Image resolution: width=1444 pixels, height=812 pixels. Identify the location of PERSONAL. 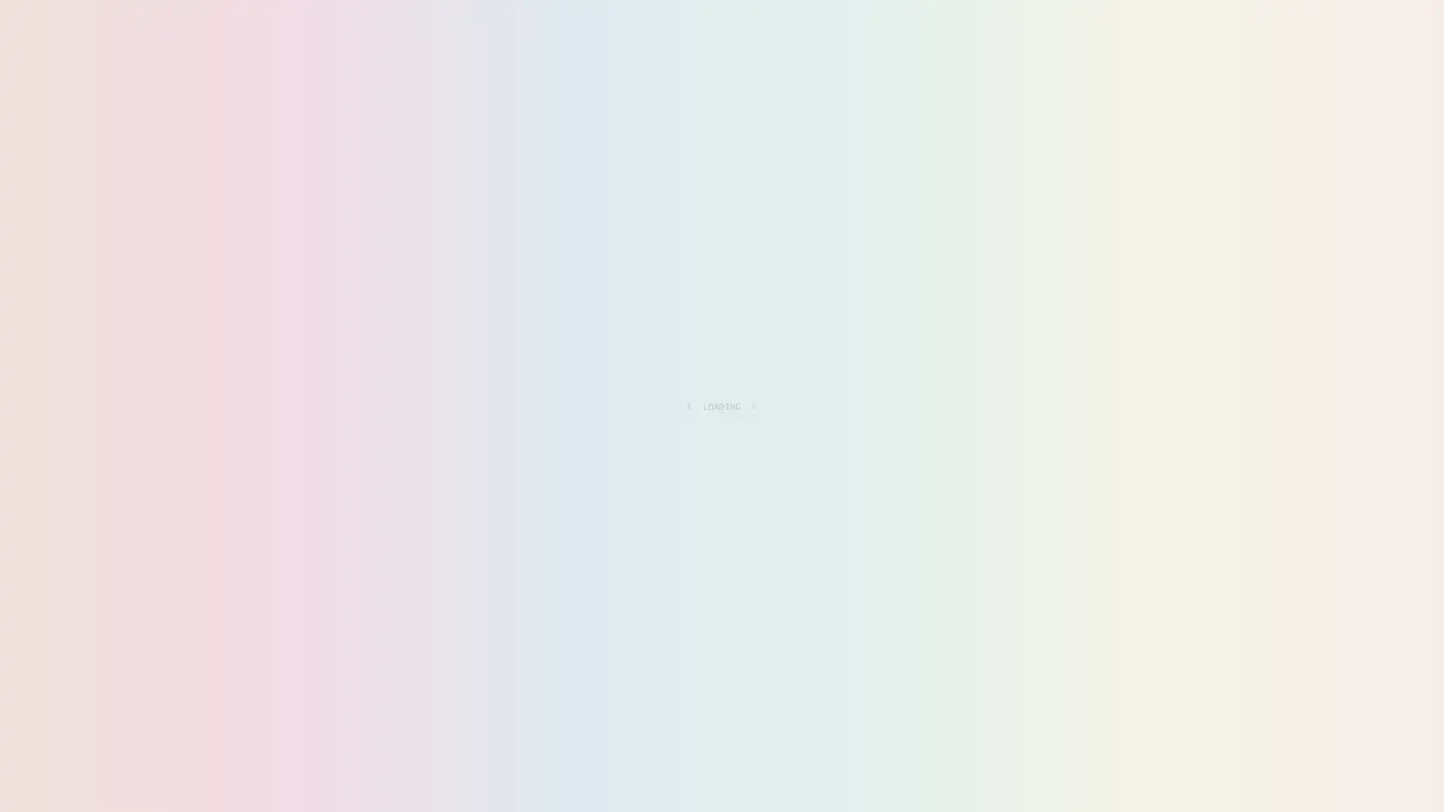
(516, 151).